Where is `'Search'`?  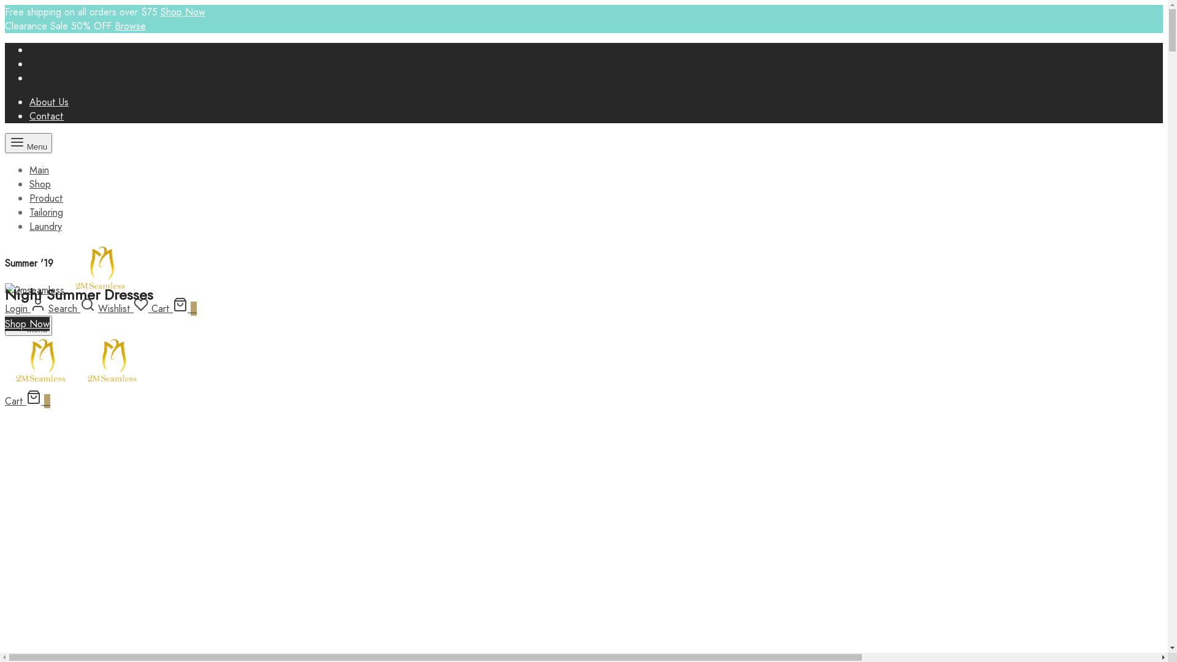 'Search' is located at coordinates (70, 308).